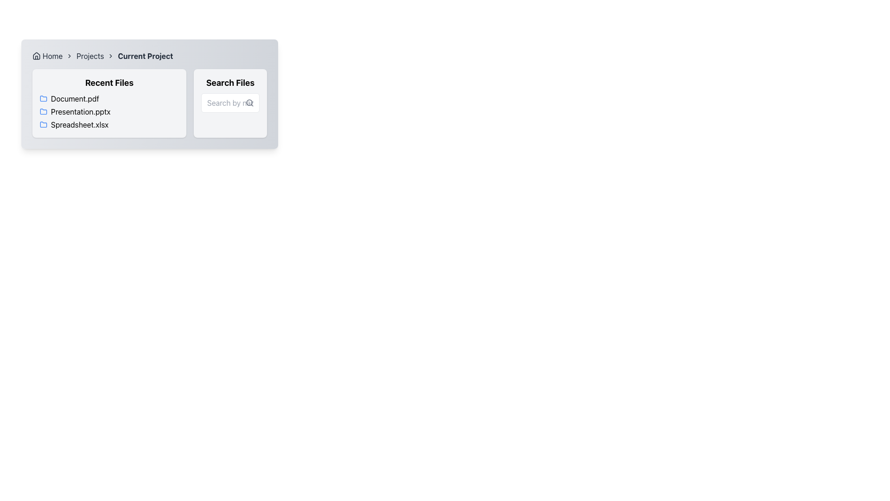  Describe the element at coordinates (145, 56) in the screenshot. I see `the text label 'Current Project' located at the far-right of the breadcrumb navigation chain` at that location.